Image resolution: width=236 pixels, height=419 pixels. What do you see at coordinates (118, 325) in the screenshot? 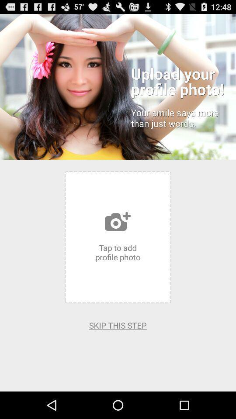
I see `the app at the bottom` at bounding box center [118, 325].